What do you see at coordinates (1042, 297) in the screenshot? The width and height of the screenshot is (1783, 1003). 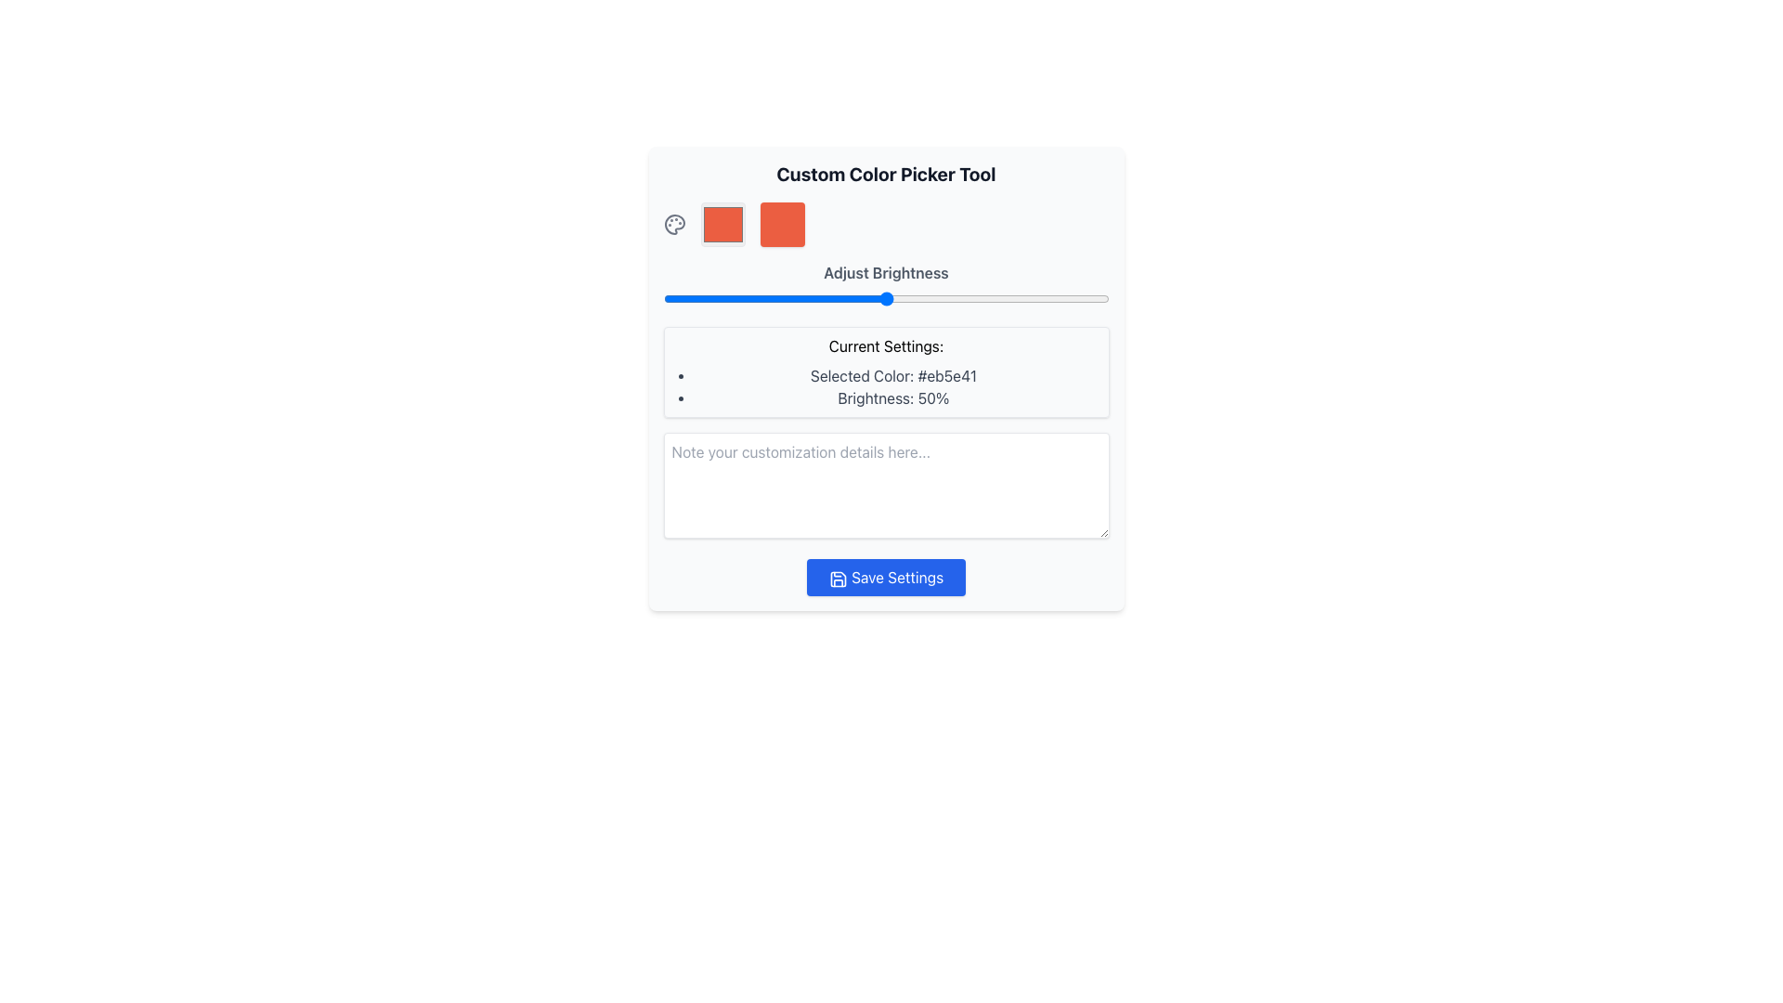 I see `brightness` at bounding box center [1042, 297].